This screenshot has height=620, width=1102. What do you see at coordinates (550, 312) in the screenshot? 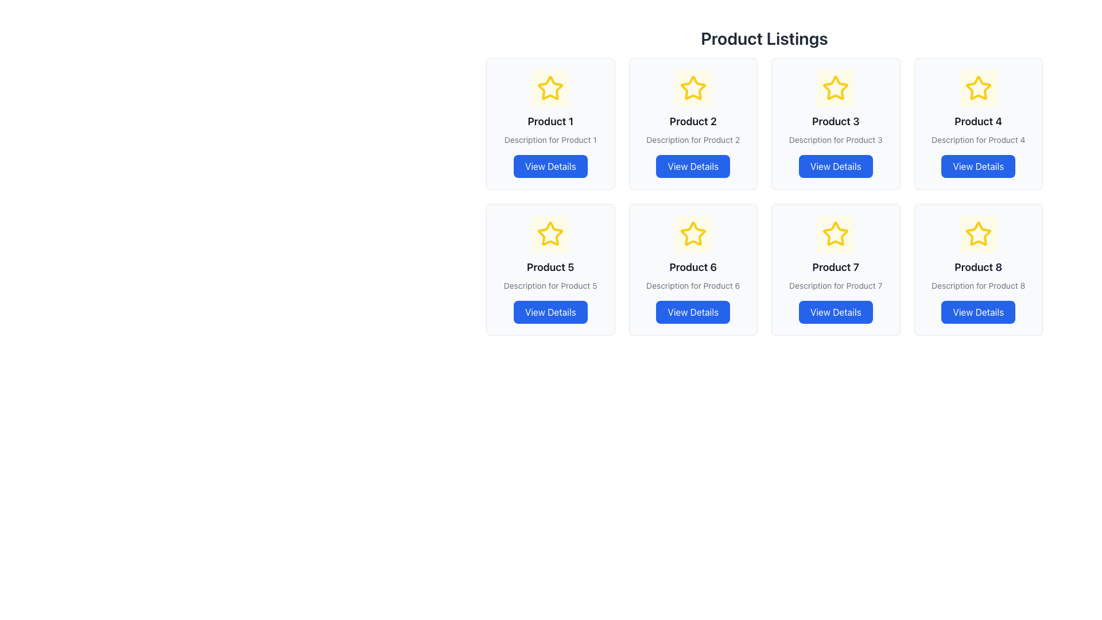
I see `the button located centrally within the 'Product 5' card, positioned beneath the description text` at bounding box center [550, 312].